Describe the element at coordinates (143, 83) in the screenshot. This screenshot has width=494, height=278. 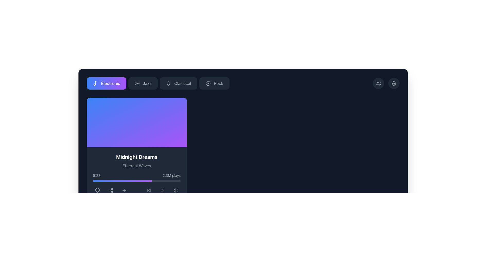
I see `the 'Jazz' button` at that location.